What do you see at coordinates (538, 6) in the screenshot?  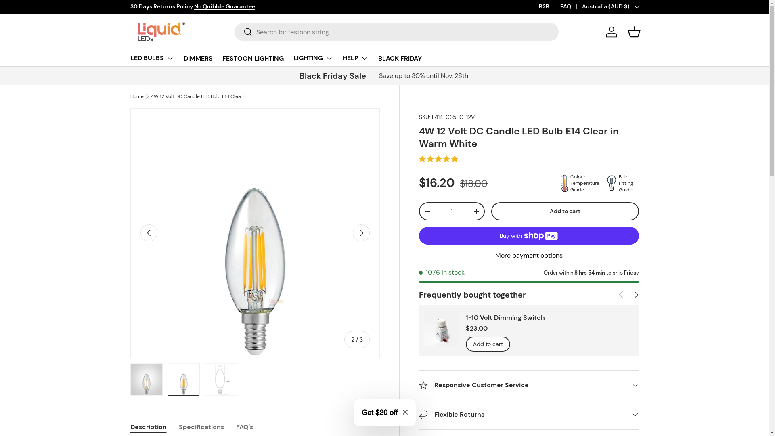 I see `'B2B'` at bounding box center [538, 6].